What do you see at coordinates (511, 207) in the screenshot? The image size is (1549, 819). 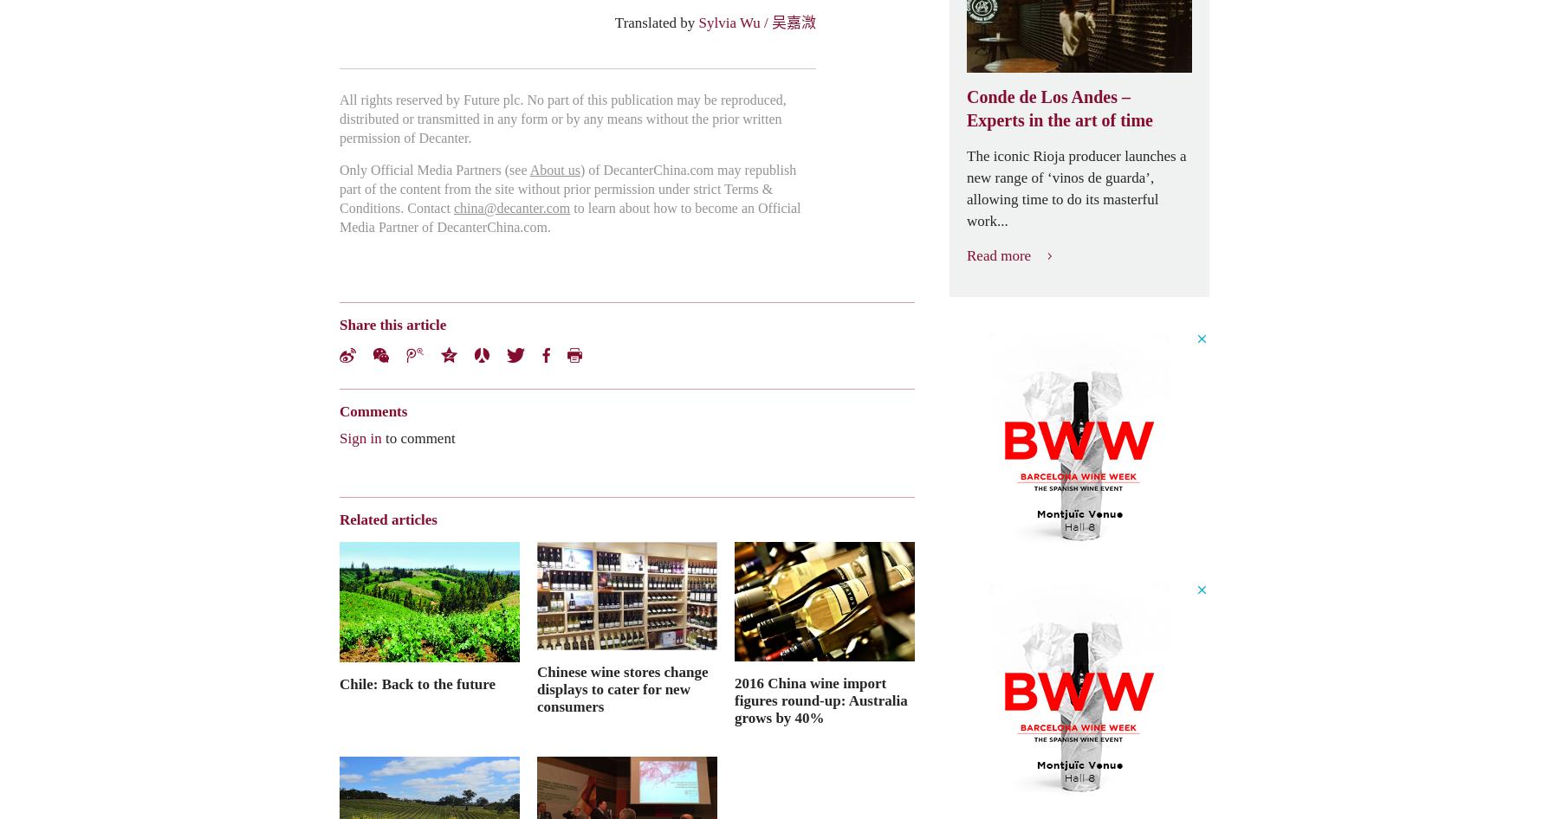 I see `'china@decanter.com'` at bounding box center [511, 207].